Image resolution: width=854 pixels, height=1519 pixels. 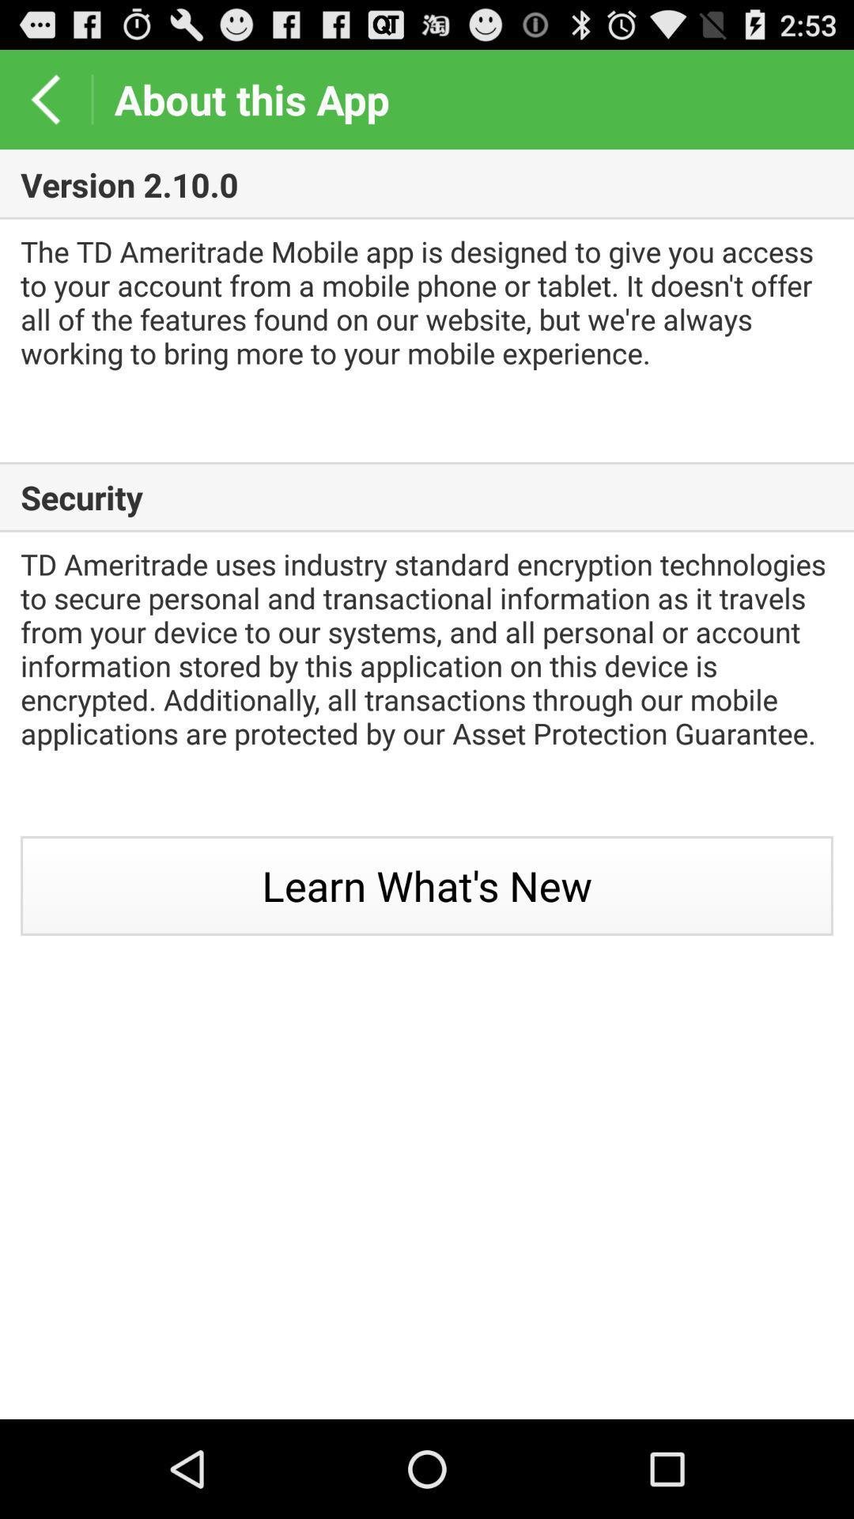 I want to click on the arrow_backward icon, so click(x=44, y=105).